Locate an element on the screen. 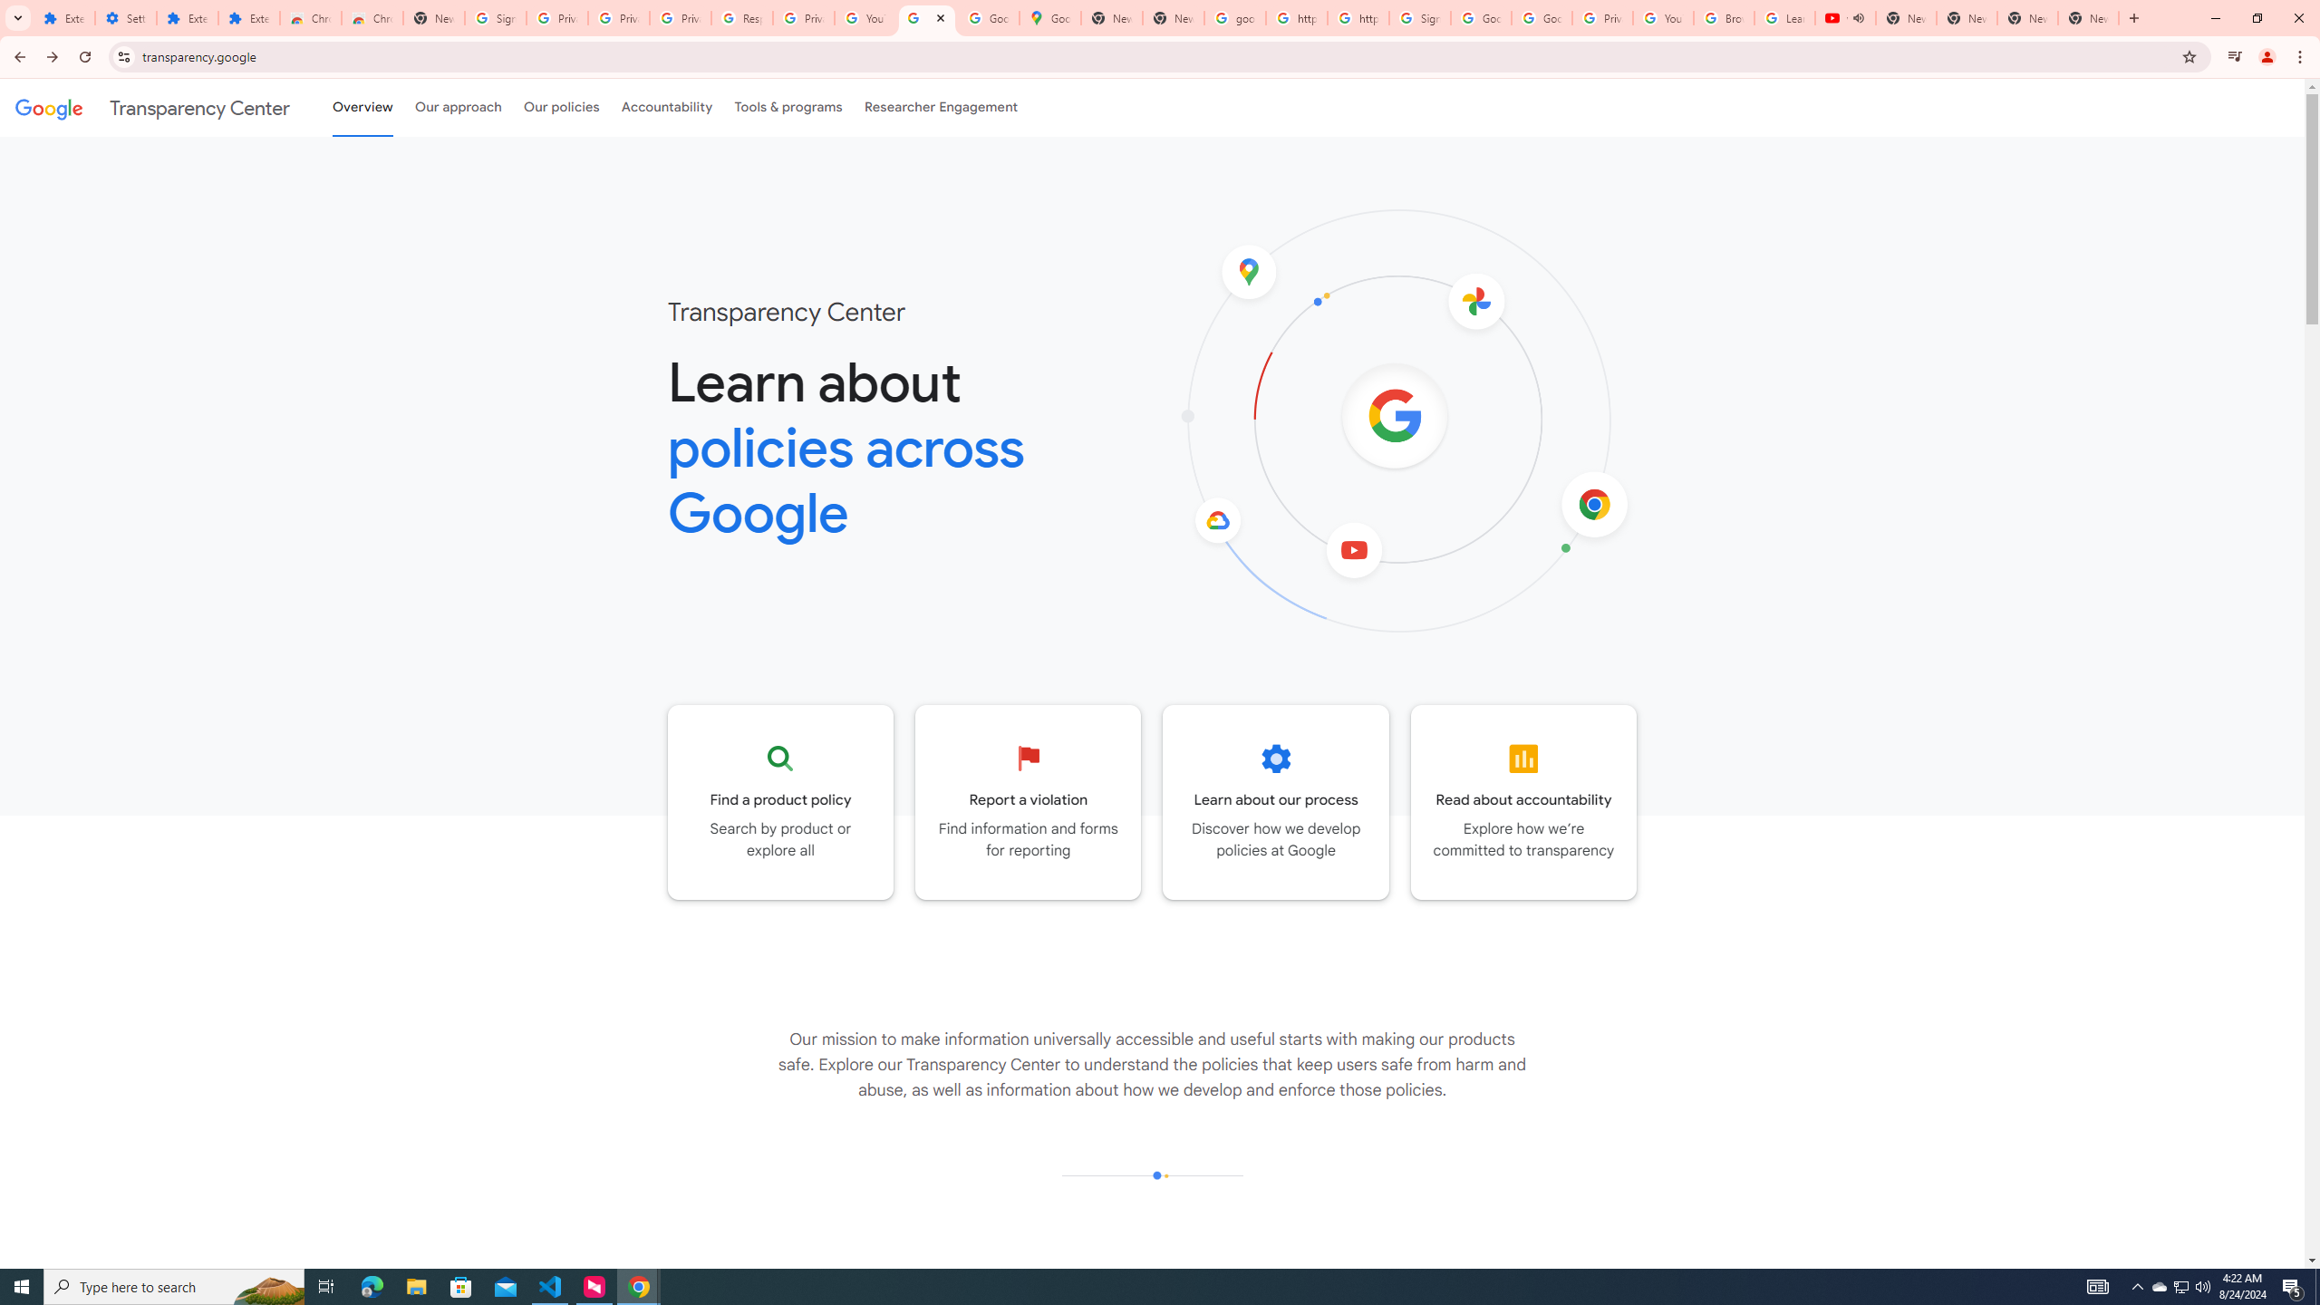  'https://scholar.google.com/' is located at coordinates (1296, 17).